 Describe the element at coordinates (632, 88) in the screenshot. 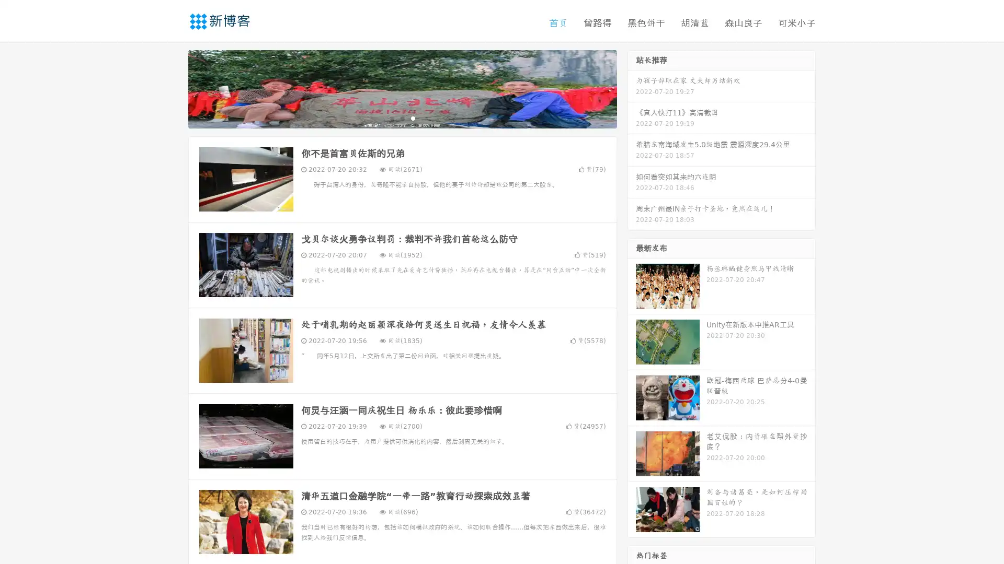

I see `Next slide` at that location.